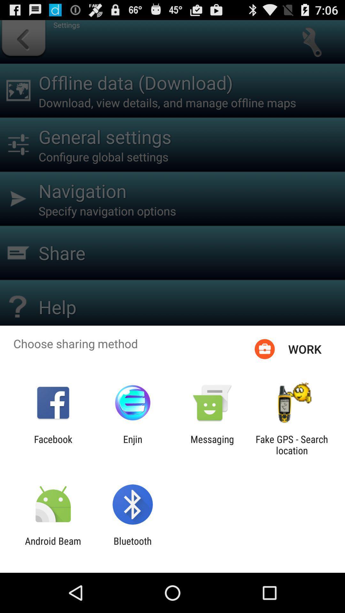  Describe the element at coordinates (53, 546) in the screenshot. I see `android beam app` at that location.